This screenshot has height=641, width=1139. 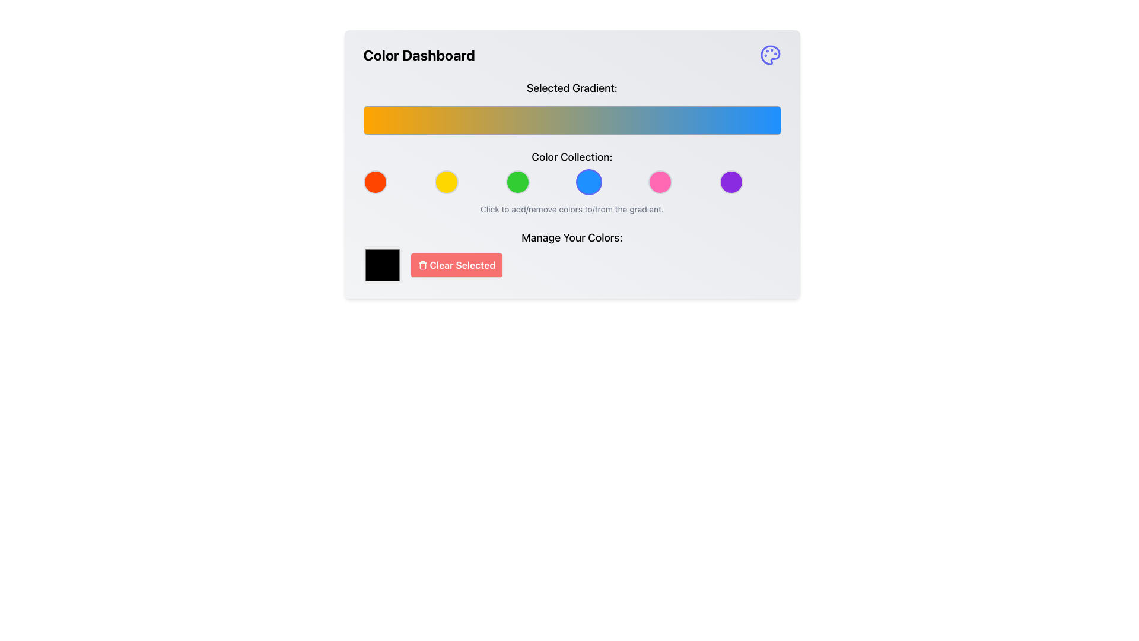 I want to click on the gradient selection, so click(x=609, y=120).